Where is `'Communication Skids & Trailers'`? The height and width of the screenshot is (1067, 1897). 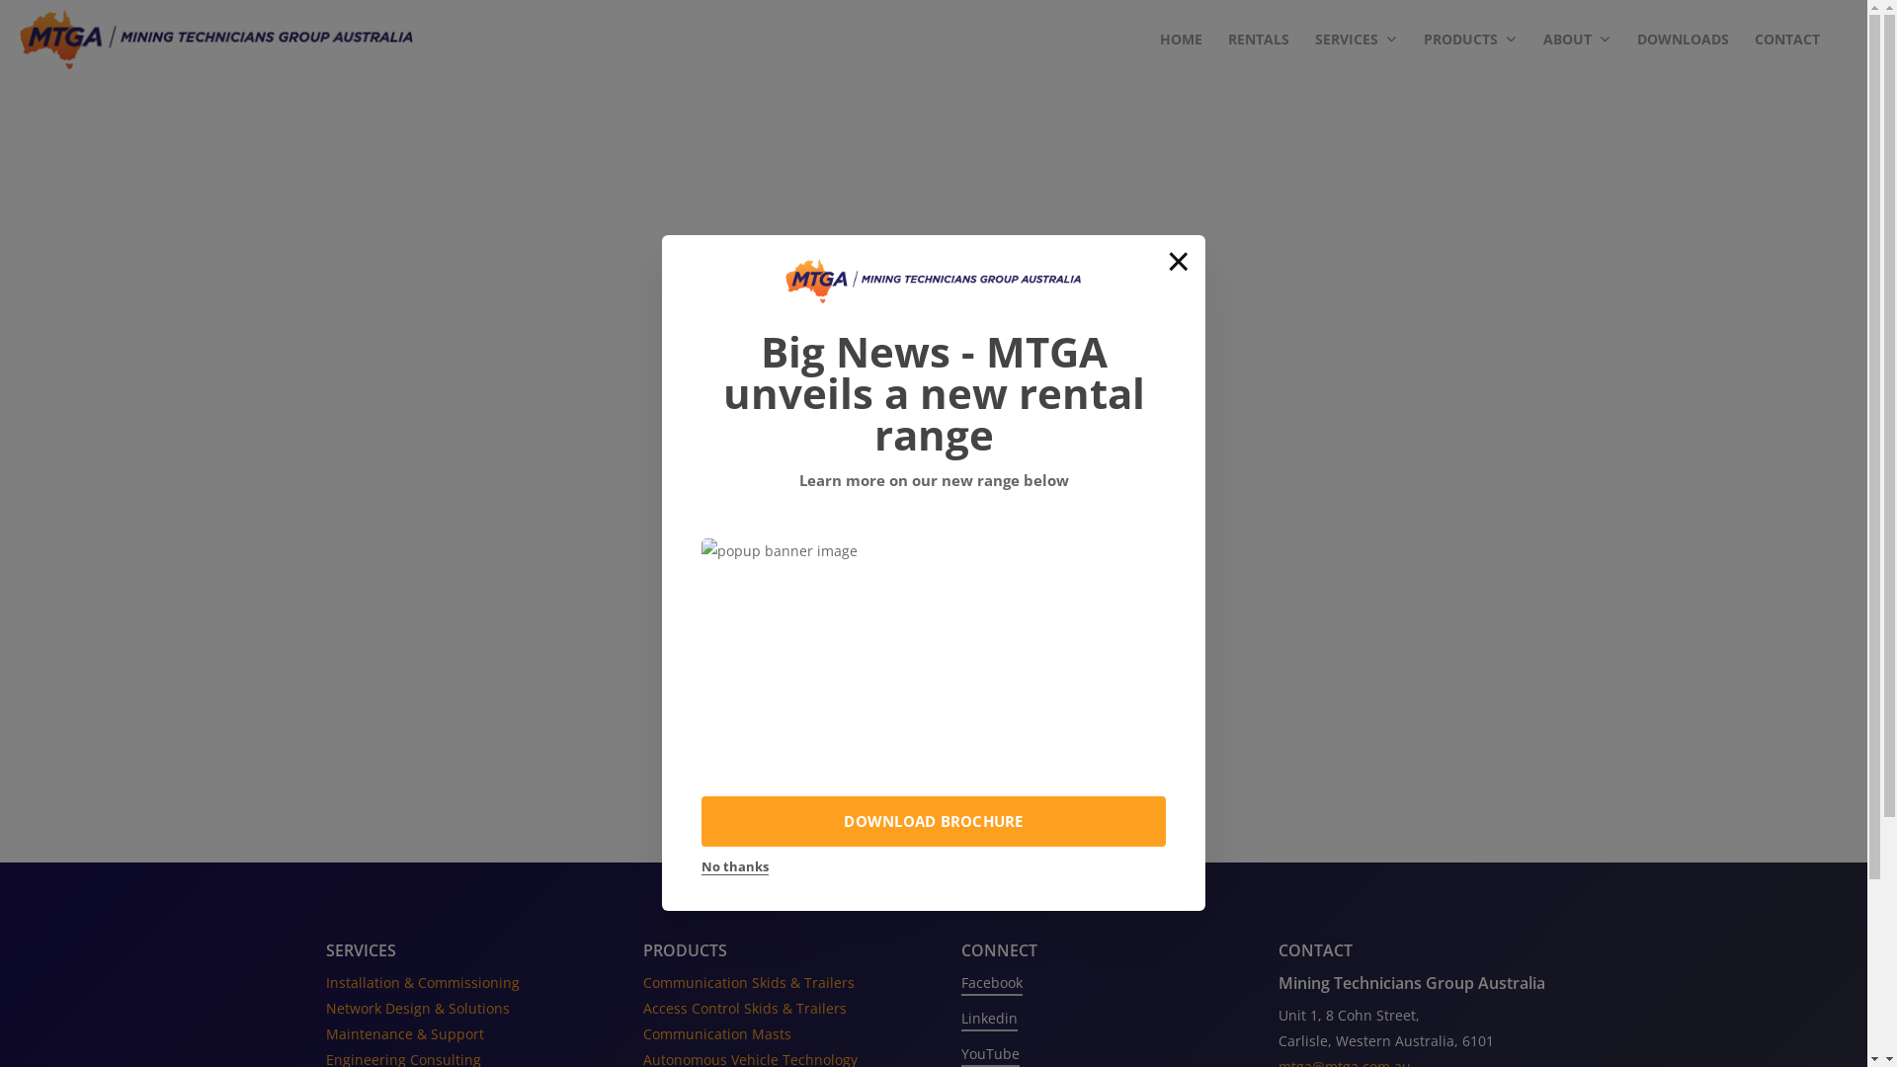 'Communication Skids & Trailers' is located at coordinates (748, 982).